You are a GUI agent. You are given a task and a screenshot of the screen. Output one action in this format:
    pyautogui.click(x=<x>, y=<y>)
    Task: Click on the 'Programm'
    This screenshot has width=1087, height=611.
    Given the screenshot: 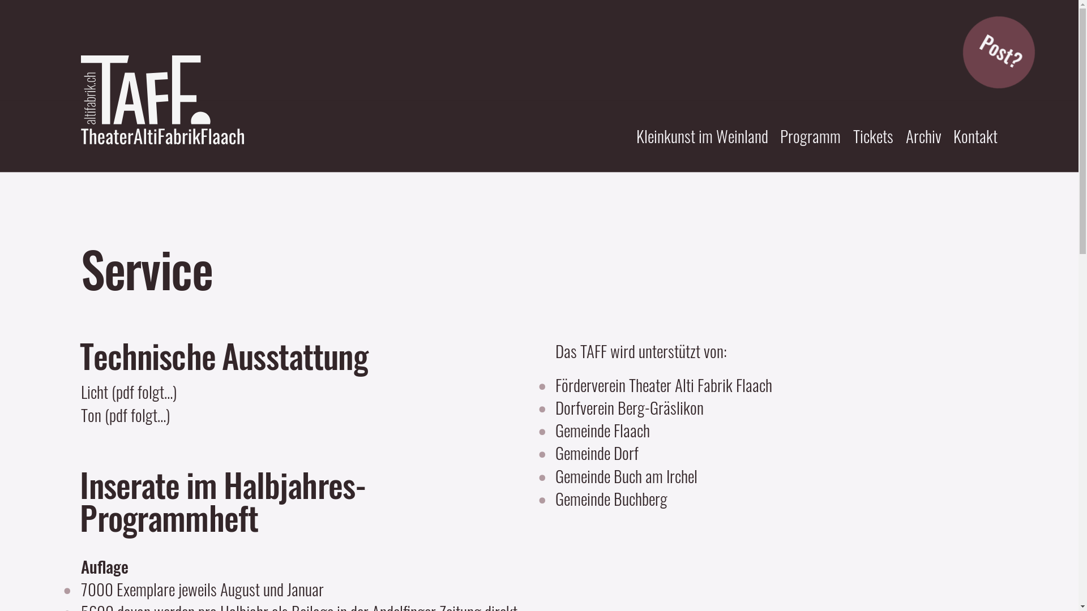 What is the action you would take?
    pyautogui.click(x=810, y=135)
    